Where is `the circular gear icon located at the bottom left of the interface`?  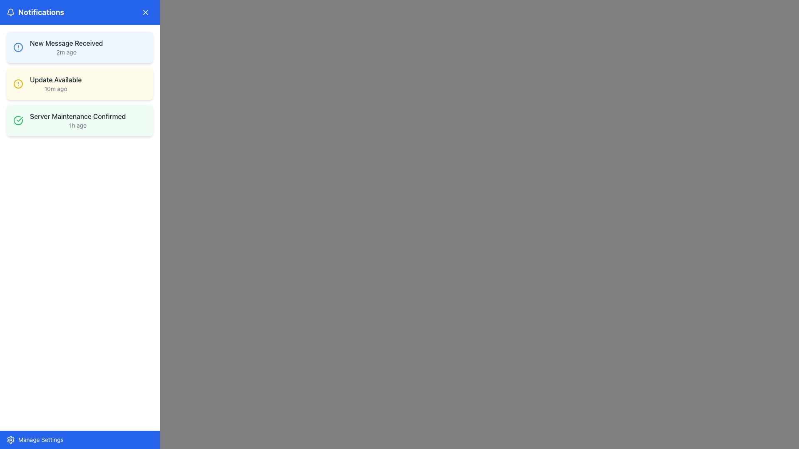
the circular gear icon located at the bottom left of the interface is located at coordinates (10, 439).